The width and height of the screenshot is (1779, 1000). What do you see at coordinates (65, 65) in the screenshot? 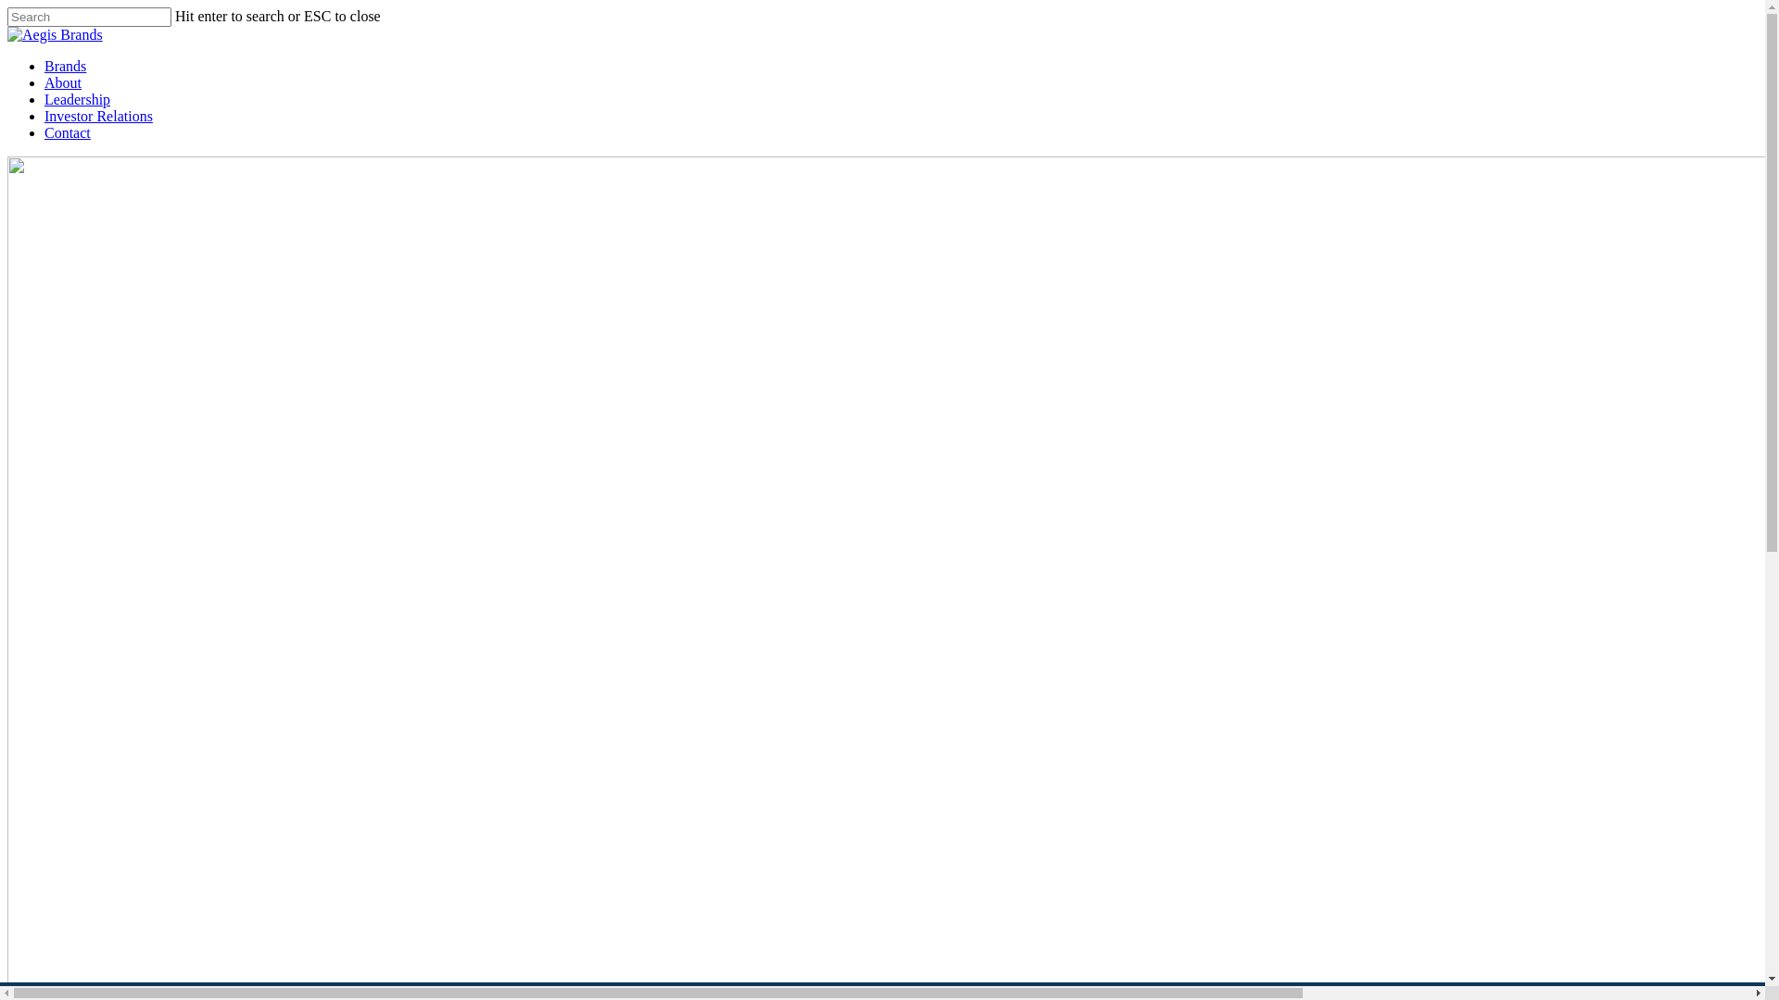
I see `'Brands'` at bounding box center [65, 65].